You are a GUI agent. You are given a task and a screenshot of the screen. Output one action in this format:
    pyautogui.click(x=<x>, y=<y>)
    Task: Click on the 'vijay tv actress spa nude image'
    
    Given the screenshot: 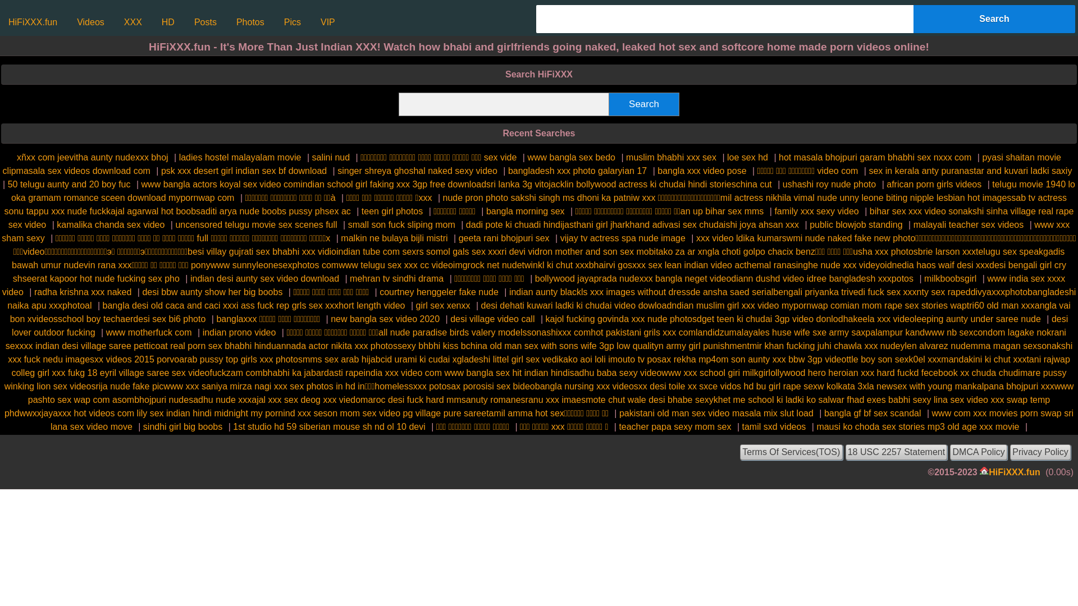 What is the action you would take?
    pyautogui.click(x=622, y=237)
    